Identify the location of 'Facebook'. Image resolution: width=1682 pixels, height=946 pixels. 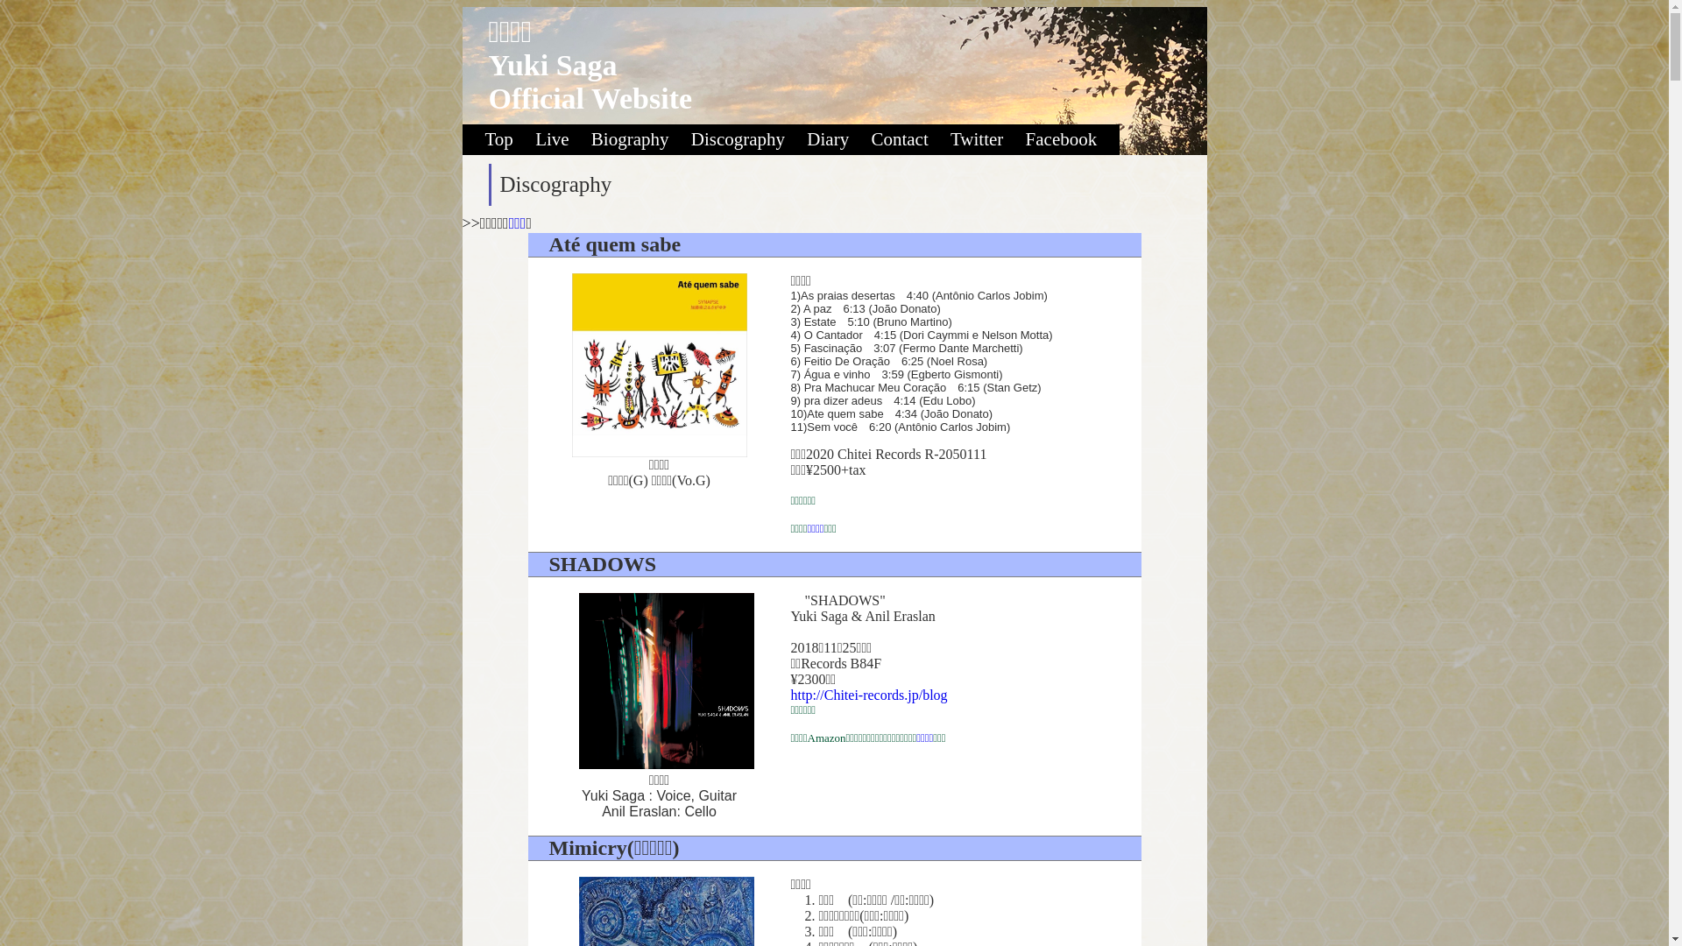
(1070, 138).